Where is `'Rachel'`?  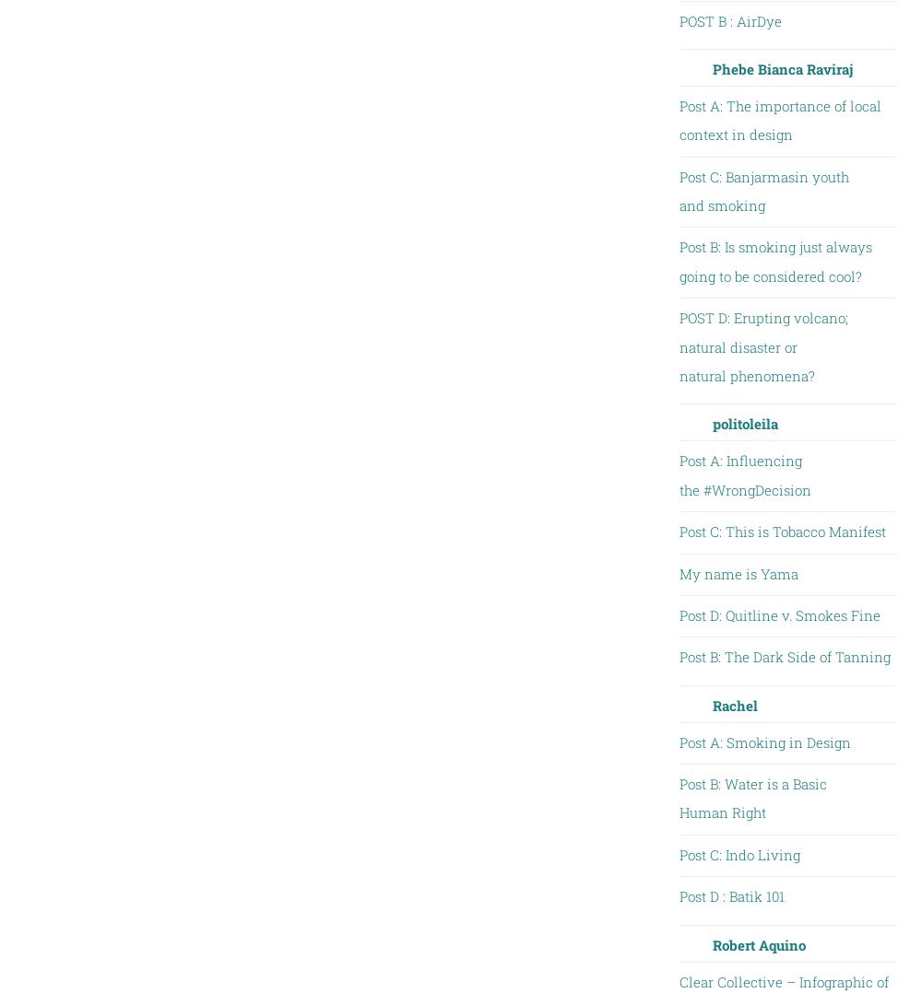 'Rachel' is located at coordinates (734, 704).